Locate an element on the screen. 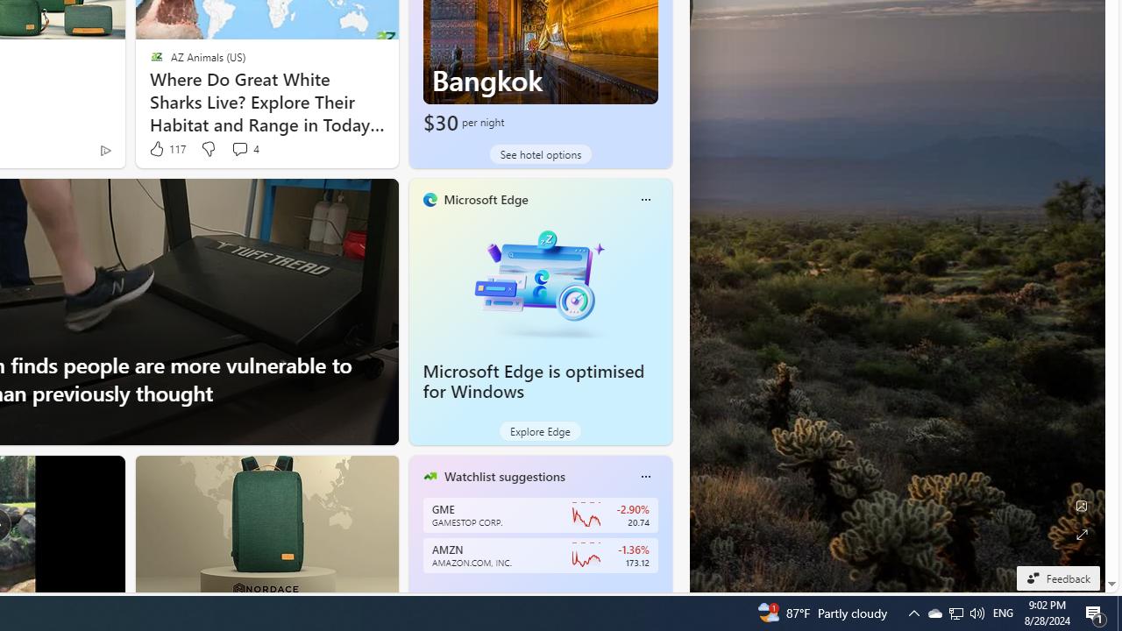 The height and width of the screenshot is (631, 1122). 'Edit Background' is located at coordinates (1080, 506).